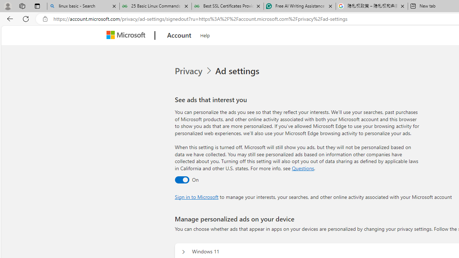 The height and width of the screenshot is (258, 459). I want to click on 'Microsoft', so click(127, 35).